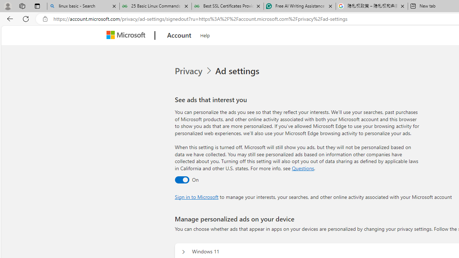 The height and width of the screenshot is (258, 459). I want to click on 'Microsoft', so click(127, 35).